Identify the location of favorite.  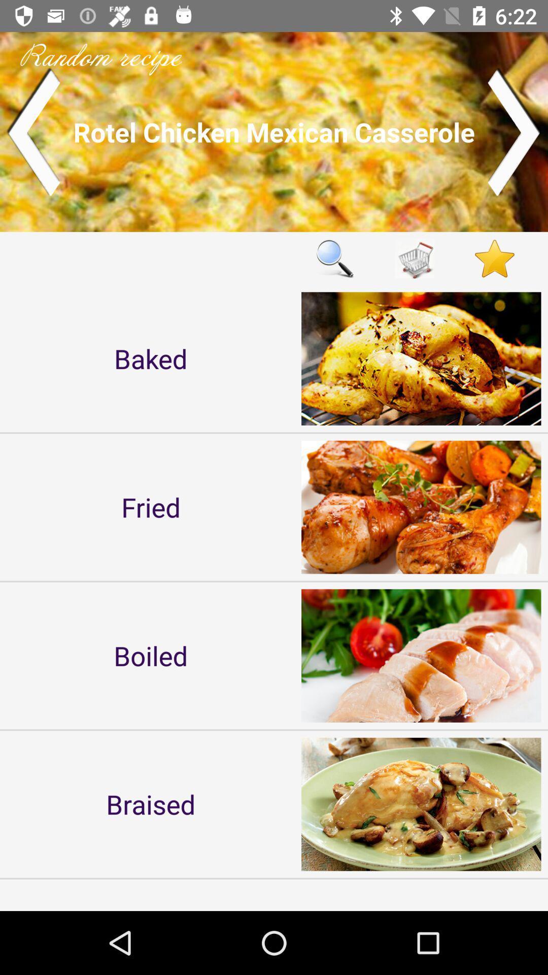
(494, 258).